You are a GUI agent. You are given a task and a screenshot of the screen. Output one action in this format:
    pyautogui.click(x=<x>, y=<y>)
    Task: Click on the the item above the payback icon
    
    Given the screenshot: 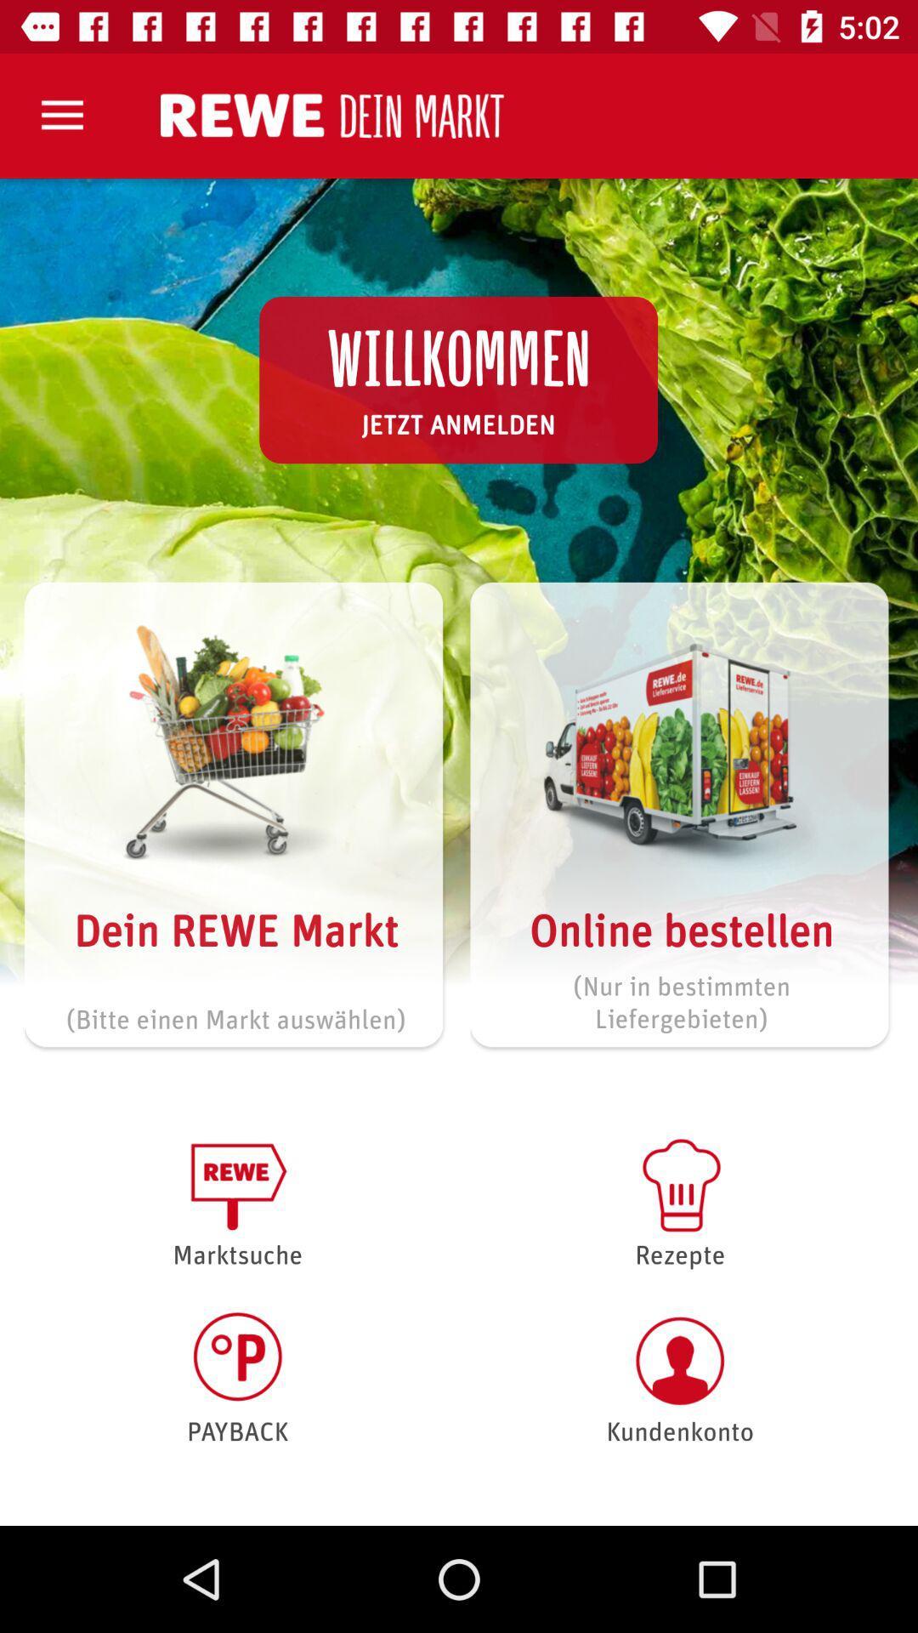 What is the action you would take?
    pyautogui.click(x=237, y=1200)
    